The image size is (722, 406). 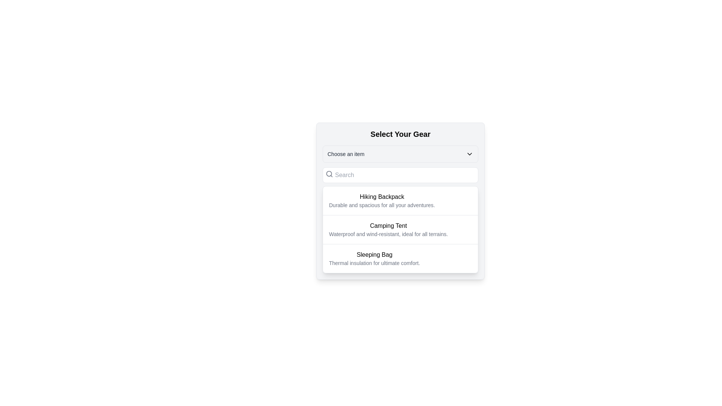 What do you see at coordinates (388, 229) in the screenshot?
I see `the label containing the title 'Camping Tent' and description 'Waterproof and wind-resistant, ideal for all terrains.'` at bounding box center [388, 229].